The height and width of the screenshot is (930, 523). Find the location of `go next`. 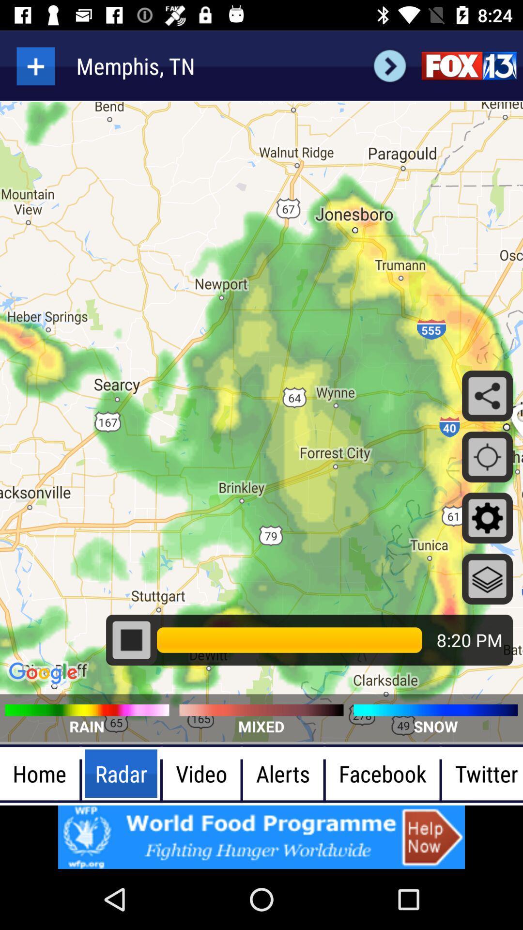

go next is located at coordinates (389, 65).